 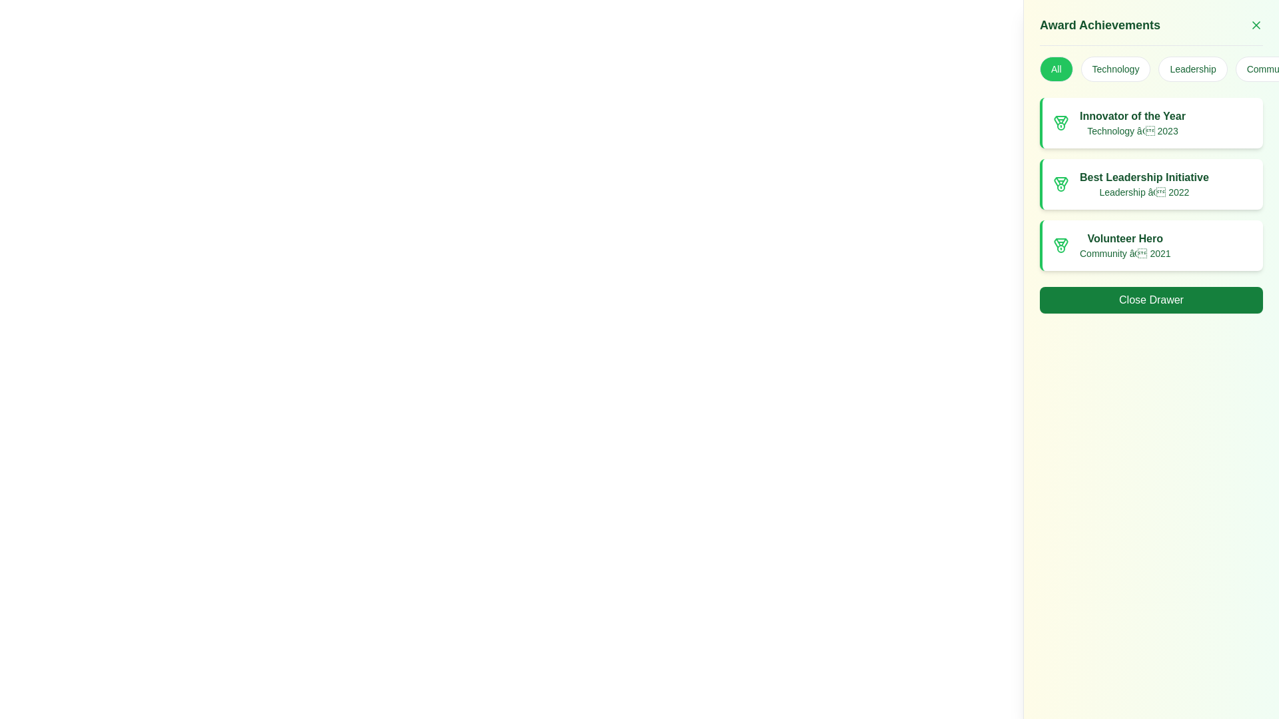 What do you see at coordinates (1132, 130) in the screenshot?
I see `the green text label reading 'Technology – 2023', which is a subheading under the bold title 'Innovator of the Year' in the 'Award Achievements' section` at bounding box center [1132, 130].